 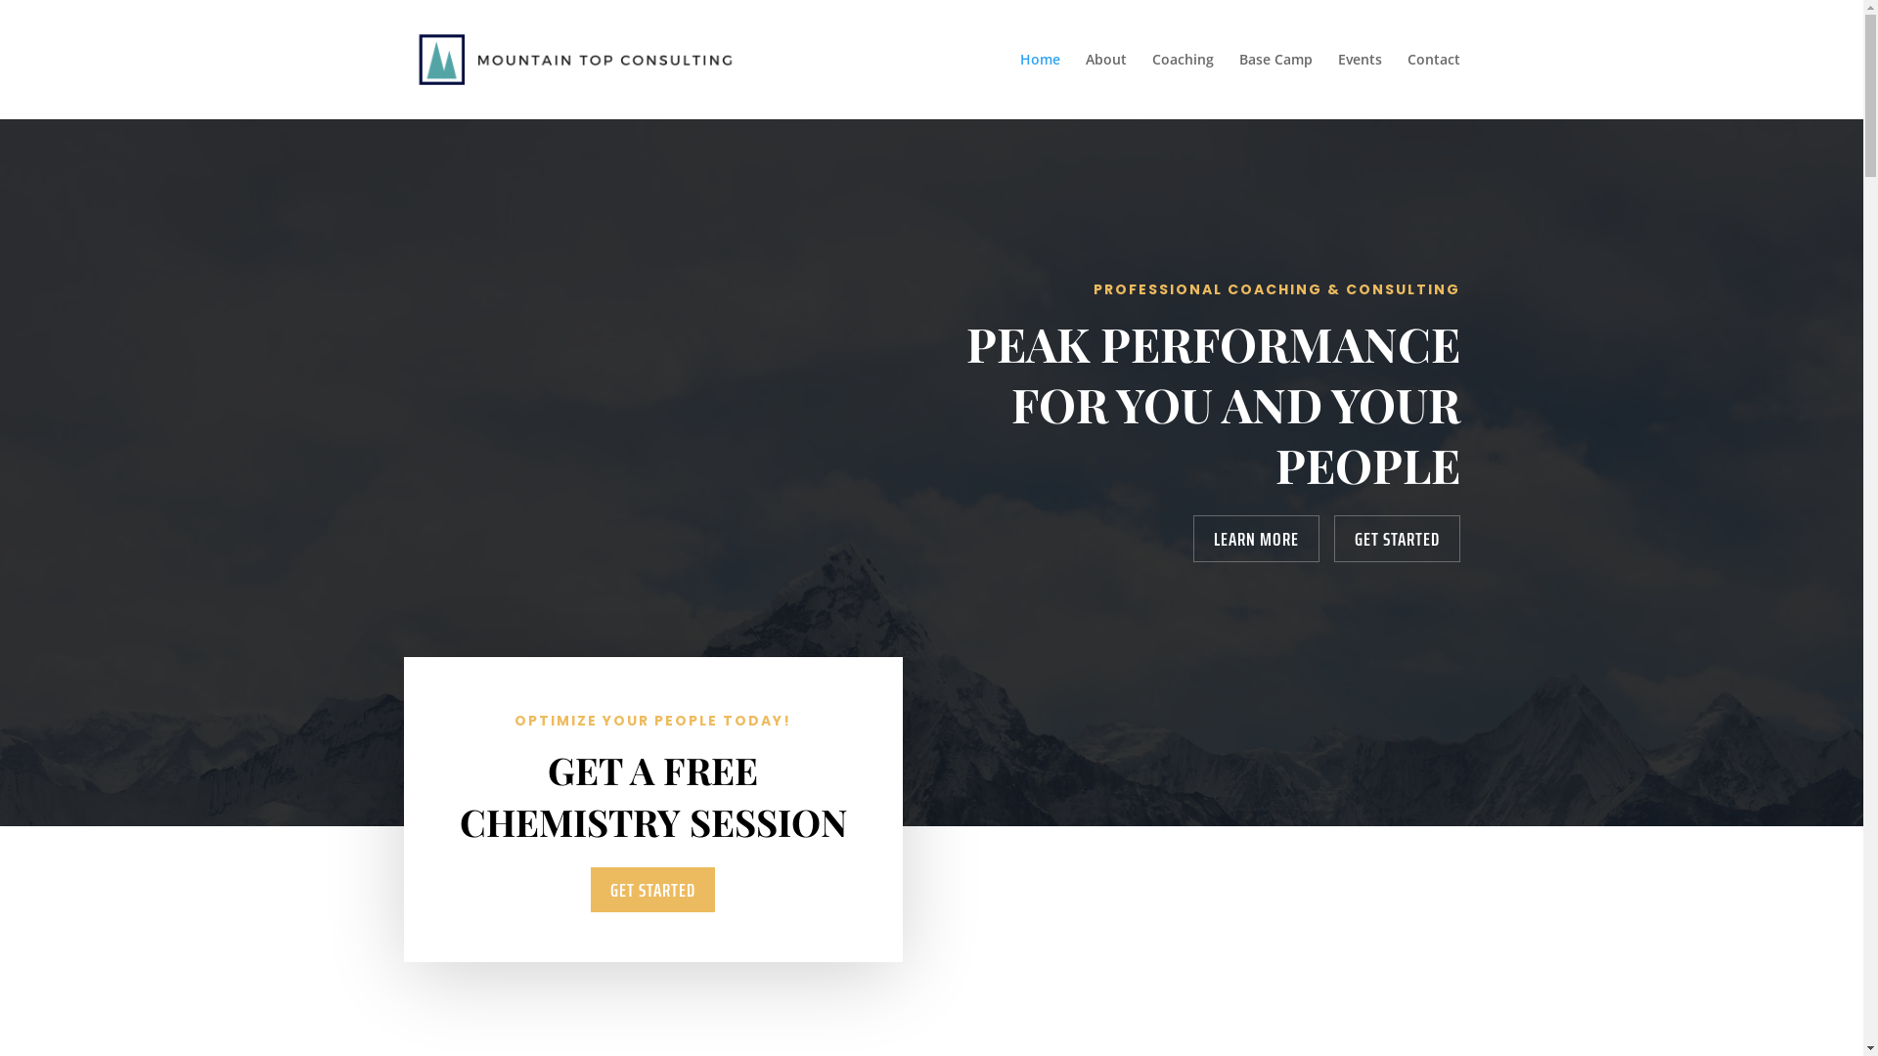 I want to click on 'LEARN MORE', so click(x=1256, y=539).